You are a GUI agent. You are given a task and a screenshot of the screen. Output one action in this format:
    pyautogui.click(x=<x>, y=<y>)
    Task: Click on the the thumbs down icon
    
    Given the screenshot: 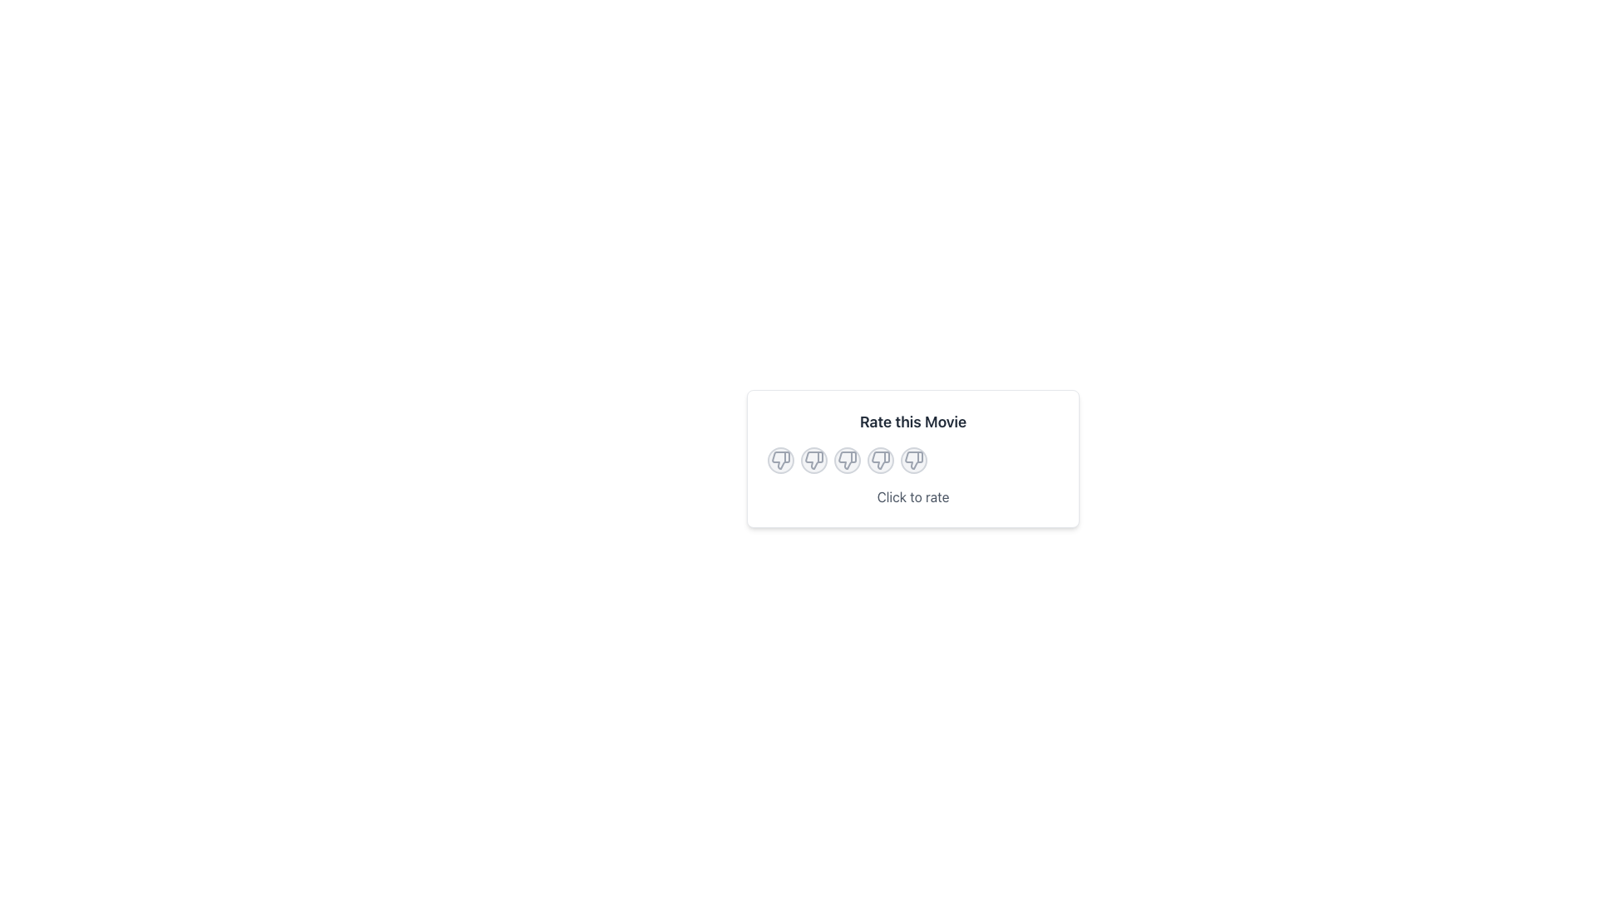 What is the action you would take?
    pyautogui.click(x=814, y=461)
    